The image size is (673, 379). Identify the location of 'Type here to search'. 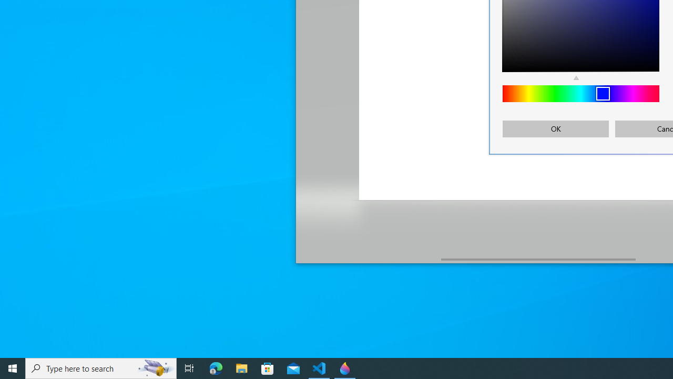
(101, 367).